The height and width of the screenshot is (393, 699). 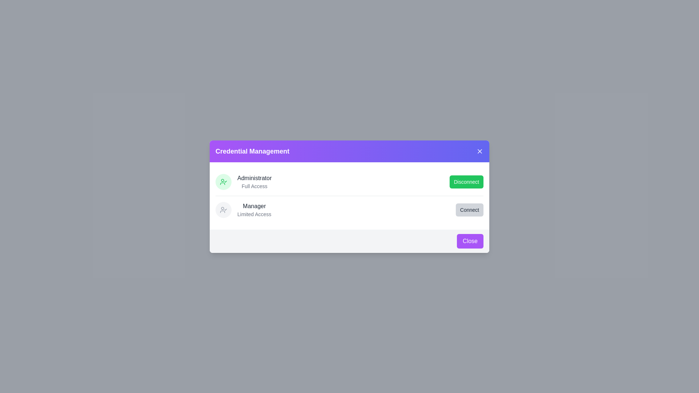 I want to click on the text label reading 'Credential Management' which is styled in bold white font on a gradient background, located at the top portion of the dialog box, so click(x=252, y=151).